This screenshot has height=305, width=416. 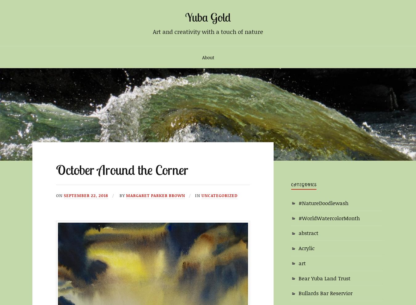 What do you see at coordinates (298, 247) in the screenshot?
I see `'Acrylic'` at bounding box center [298, 247].